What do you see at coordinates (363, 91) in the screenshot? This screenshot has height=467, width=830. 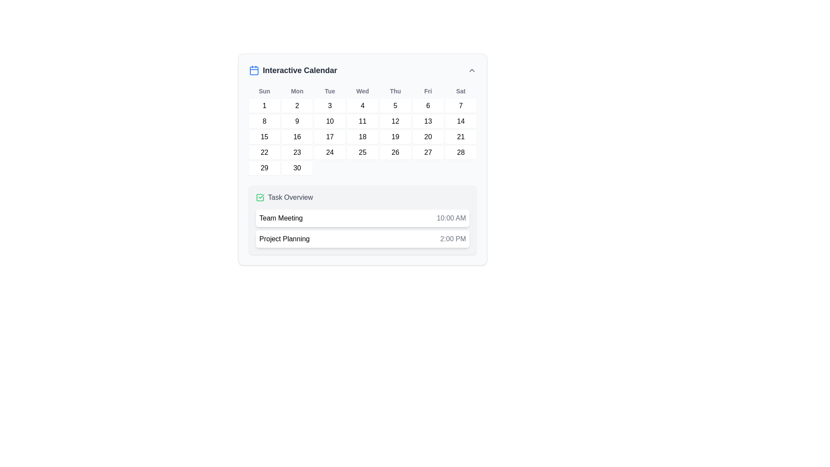 I see `the Text label row that serves as the header for the calendar grid, located below the title 'Interactive Calendar.' This row labels each column with the corresponding day of the week` at bounding box center [363, 91].